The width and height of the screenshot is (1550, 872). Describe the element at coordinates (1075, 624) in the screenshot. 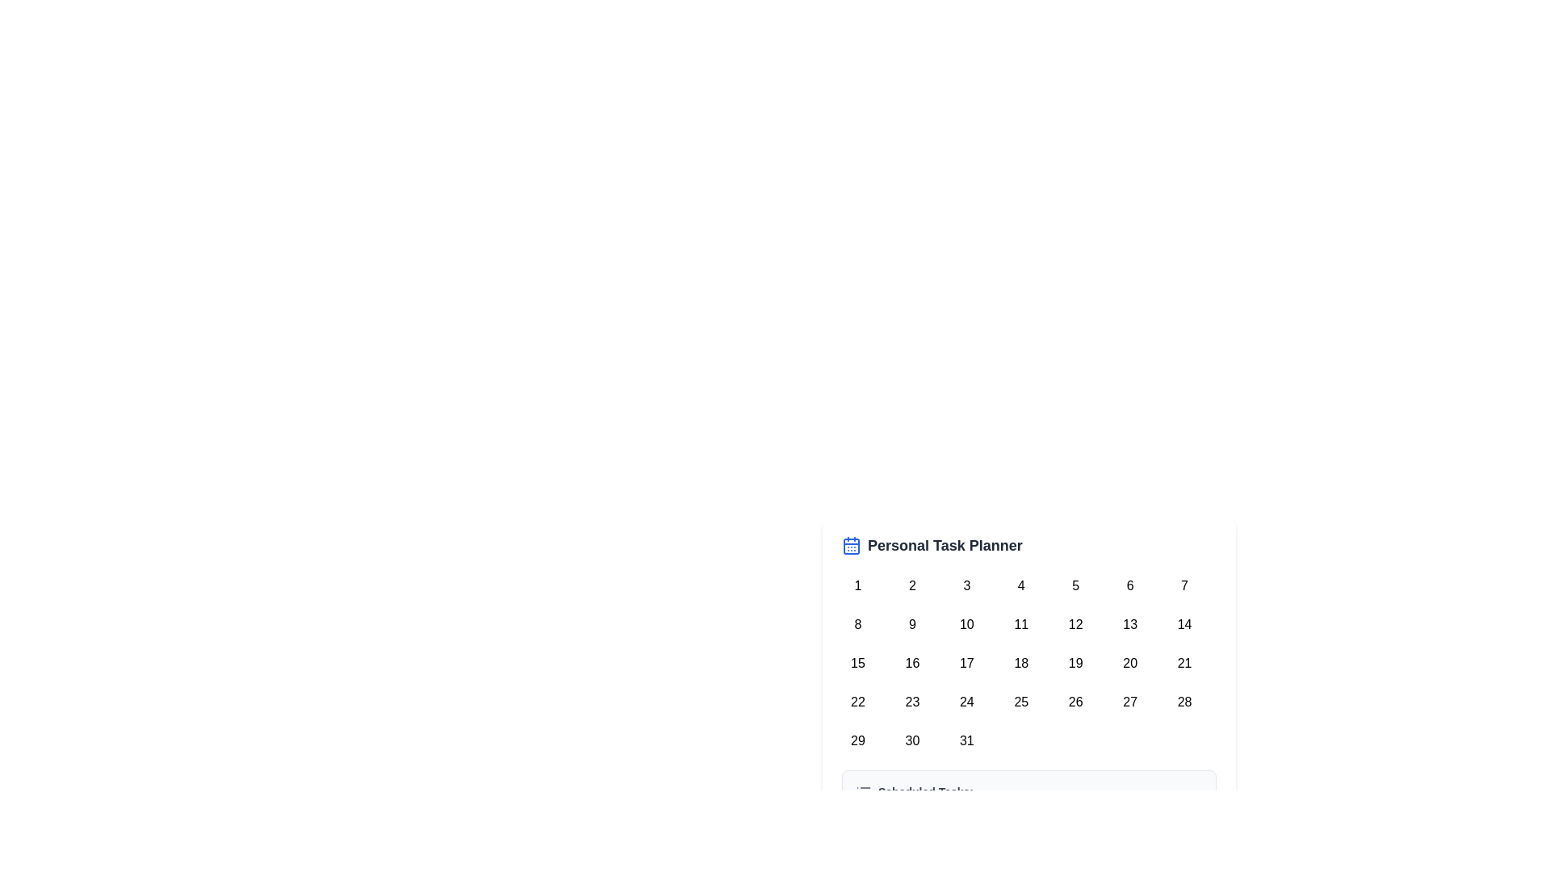

I see `the calendar button representing day '12'` at that location.